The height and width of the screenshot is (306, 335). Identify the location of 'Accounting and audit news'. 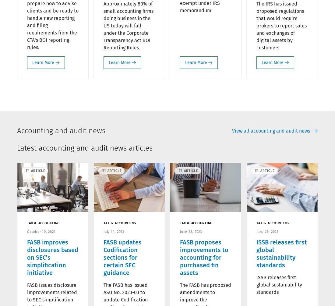
(61, 130).